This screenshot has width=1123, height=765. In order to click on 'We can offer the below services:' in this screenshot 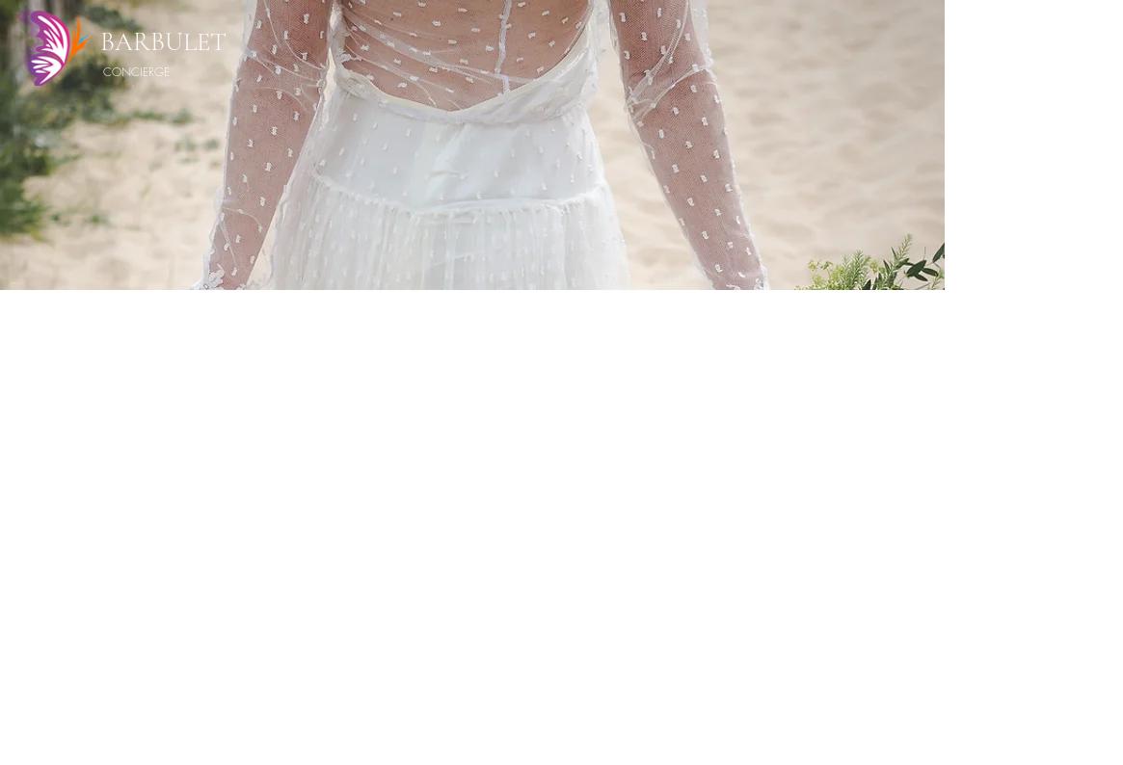, I will do `click(619, 452)`.